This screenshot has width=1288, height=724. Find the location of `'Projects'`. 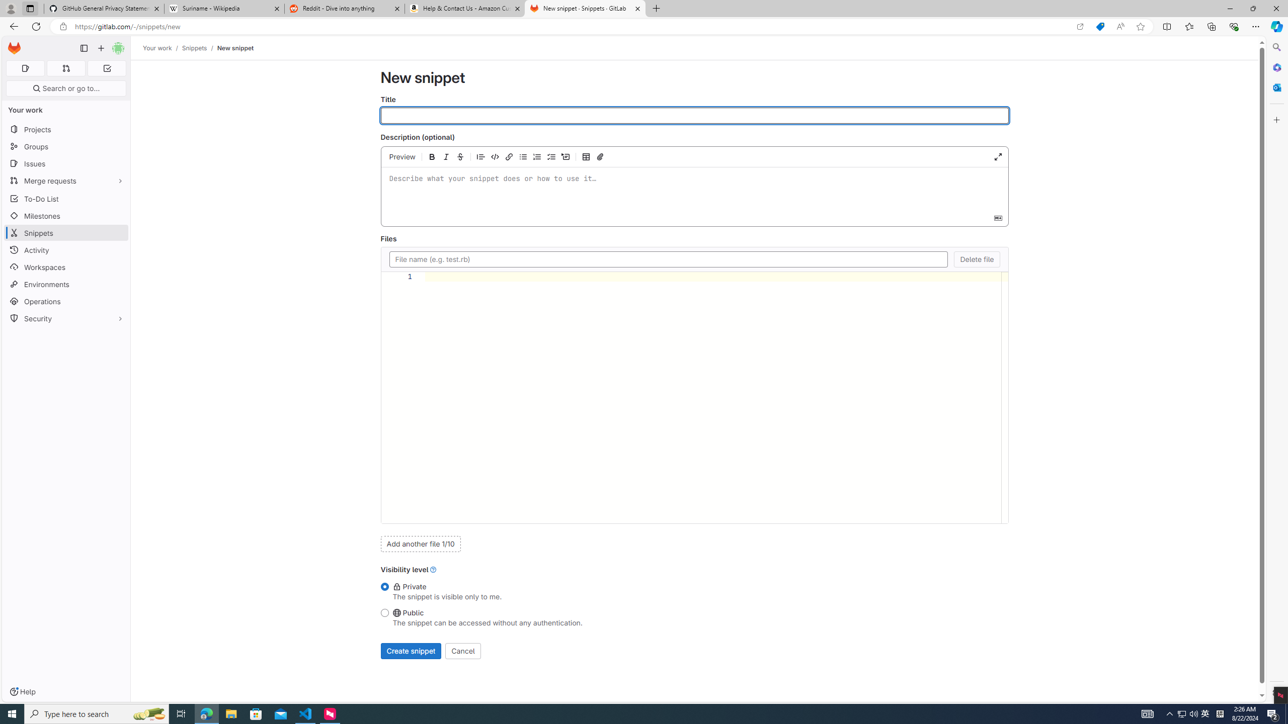

'Projects' is located at coordinates (65, 129).